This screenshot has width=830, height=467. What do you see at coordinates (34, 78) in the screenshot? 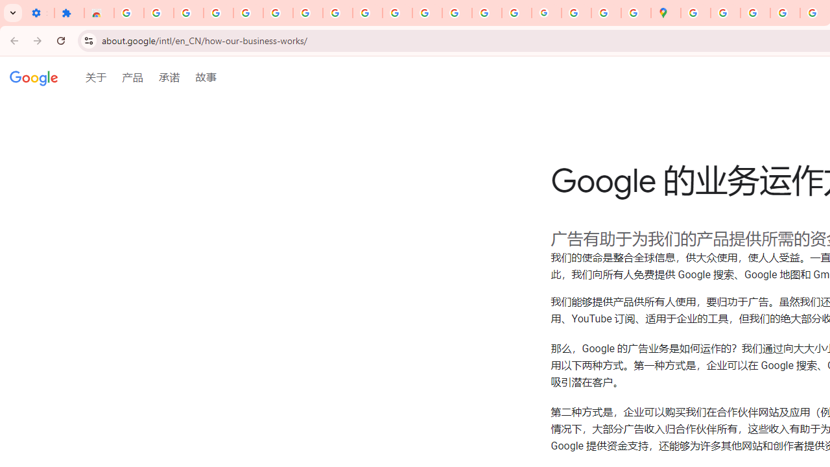
I see `'Google'` at bounding box center [34, 78].